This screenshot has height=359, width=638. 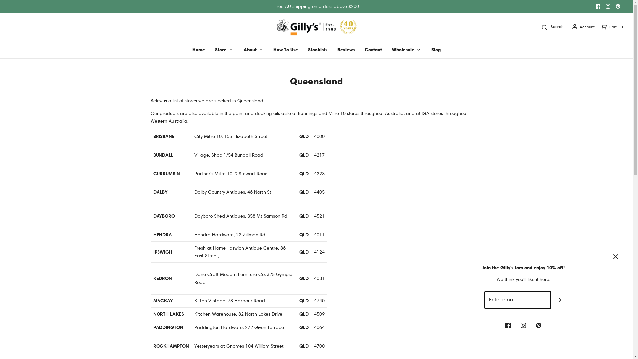 What do you see at coordinates (198, 49) in the screenshot?
I see `'Home'` at bounding box center [198, 49].